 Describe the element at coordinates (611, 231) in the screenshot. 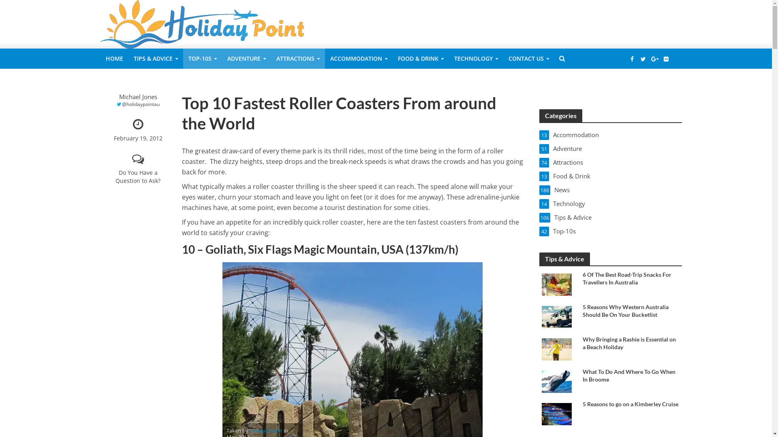

I see `'Top-10s` at that location.